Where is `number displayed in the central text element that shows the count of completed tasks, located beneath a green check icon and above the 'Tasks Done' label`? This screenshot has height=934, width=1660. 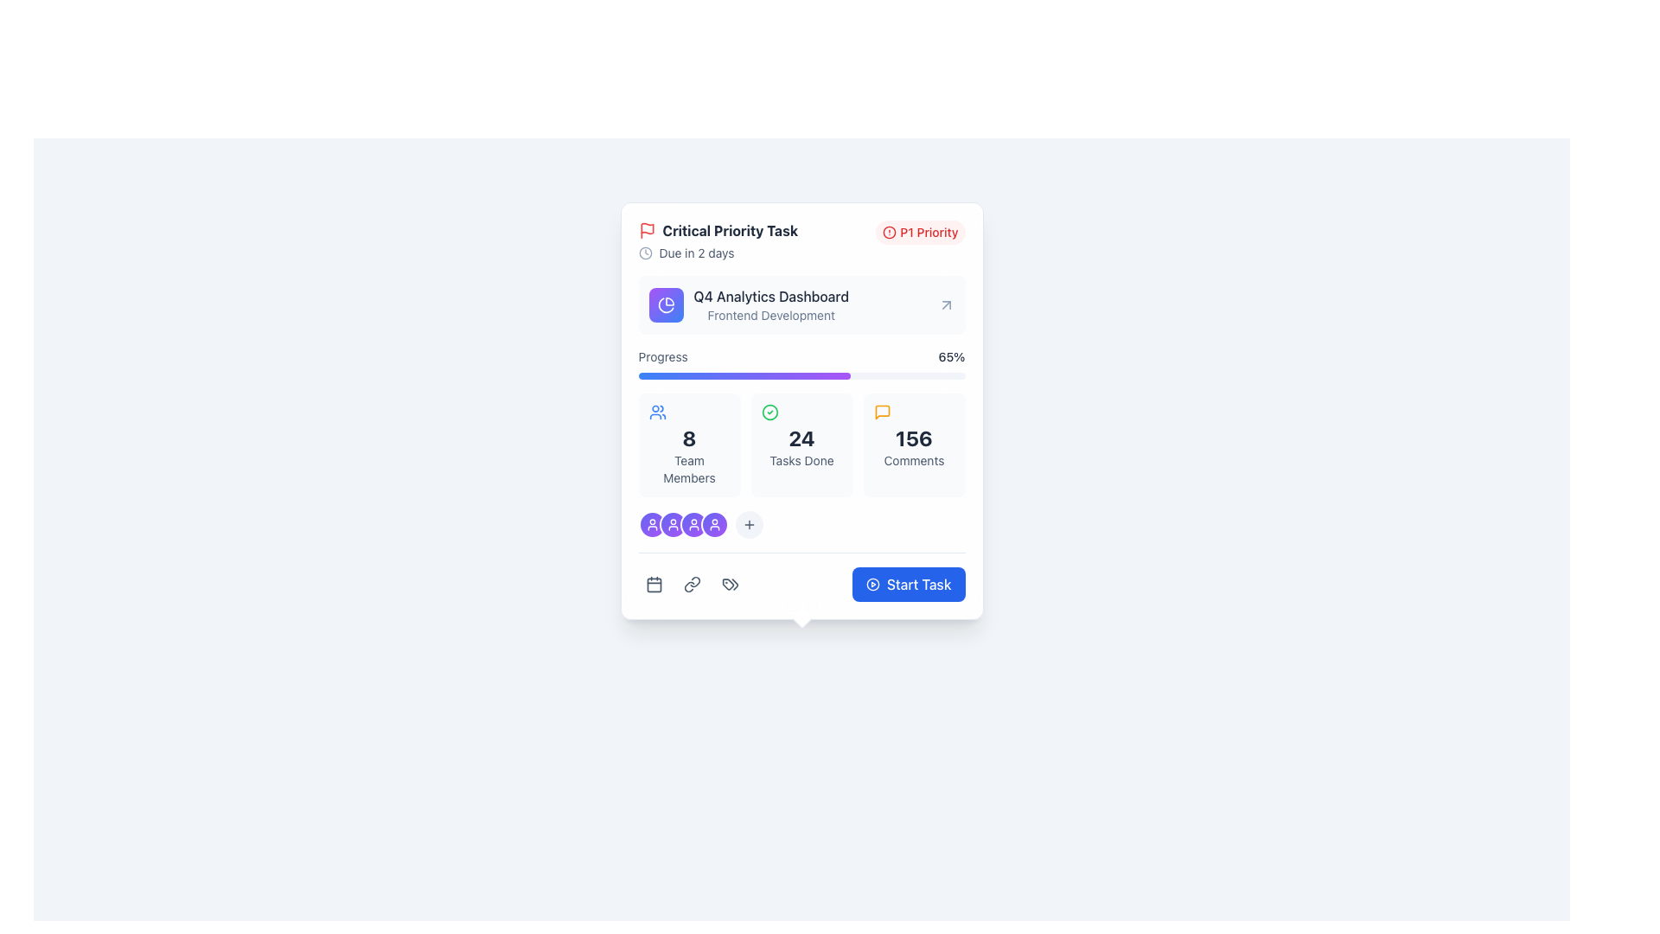 number displayed in the central text element that shows the count of completed tasks, located beneath a green check icon and above the 'Tasks Done' label is located at coordinates (801, 437).